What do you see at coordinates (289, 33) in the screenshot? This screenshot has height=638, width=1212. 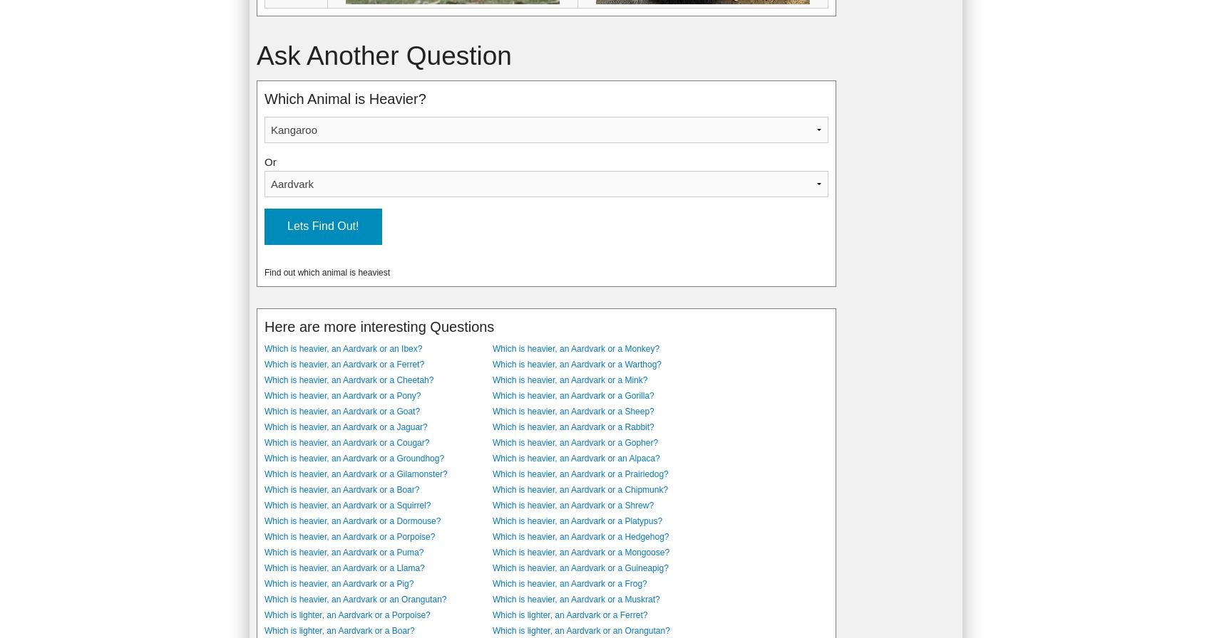 I see `'Kangaroo'` at bounding box center [289, 33].